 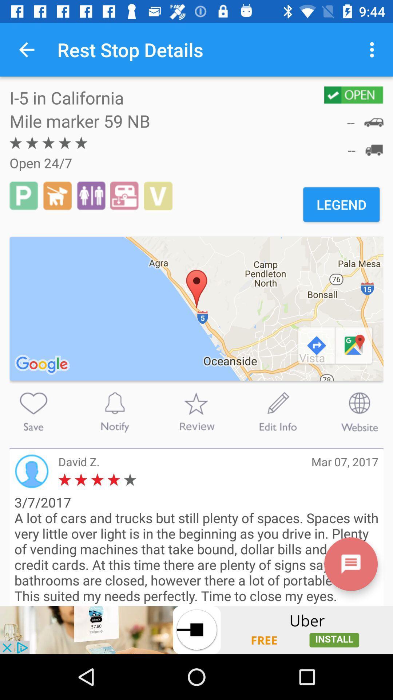 What do you see at coordinates (115, 412) in the screenshot?
I see `bell button` at bounding box center [115, 412].